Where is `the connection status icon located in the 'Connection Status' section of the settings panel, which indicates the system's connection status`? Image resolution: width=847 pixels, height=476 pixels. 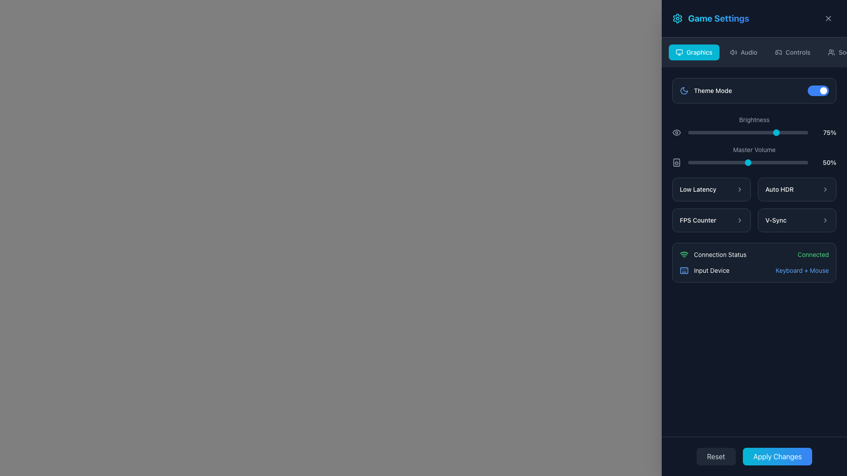 the connection status icon located in the 'Connection Status' section of the settings panel, which indicates the system's connection status is located at coordinates (683, 255).